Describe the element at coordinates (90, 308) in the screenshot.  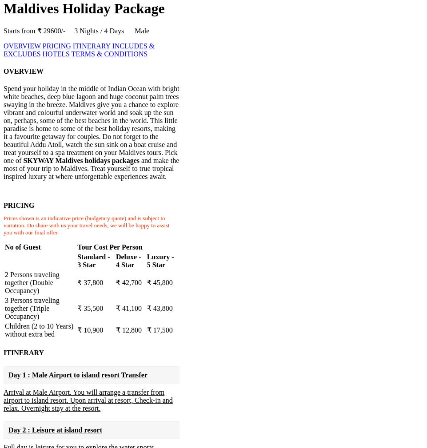
I see `'₹ 35,500'` at that location.